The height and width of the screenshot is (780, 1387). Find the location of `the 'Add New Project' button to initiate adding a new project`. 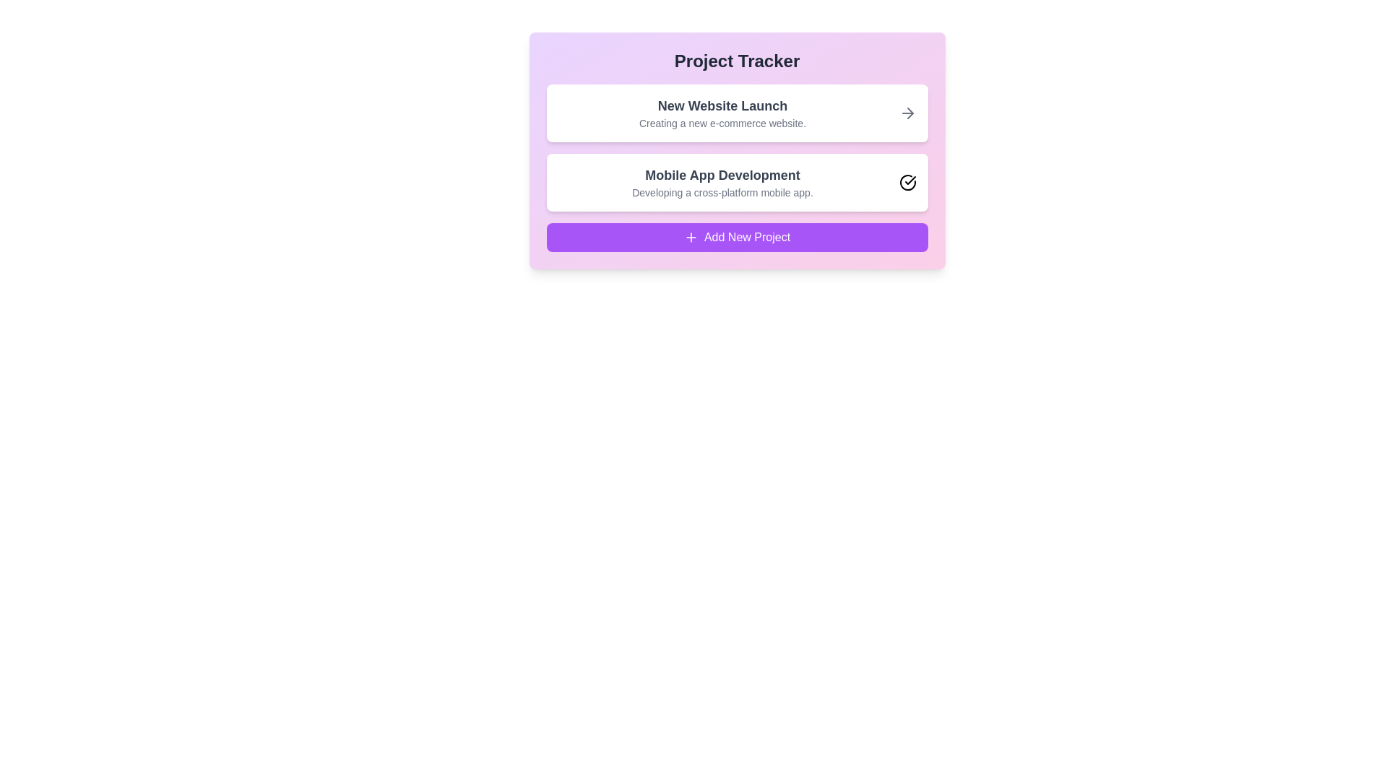

the 'Add New Project' button to initiate adding a new project is located at coordinates (737, 236).